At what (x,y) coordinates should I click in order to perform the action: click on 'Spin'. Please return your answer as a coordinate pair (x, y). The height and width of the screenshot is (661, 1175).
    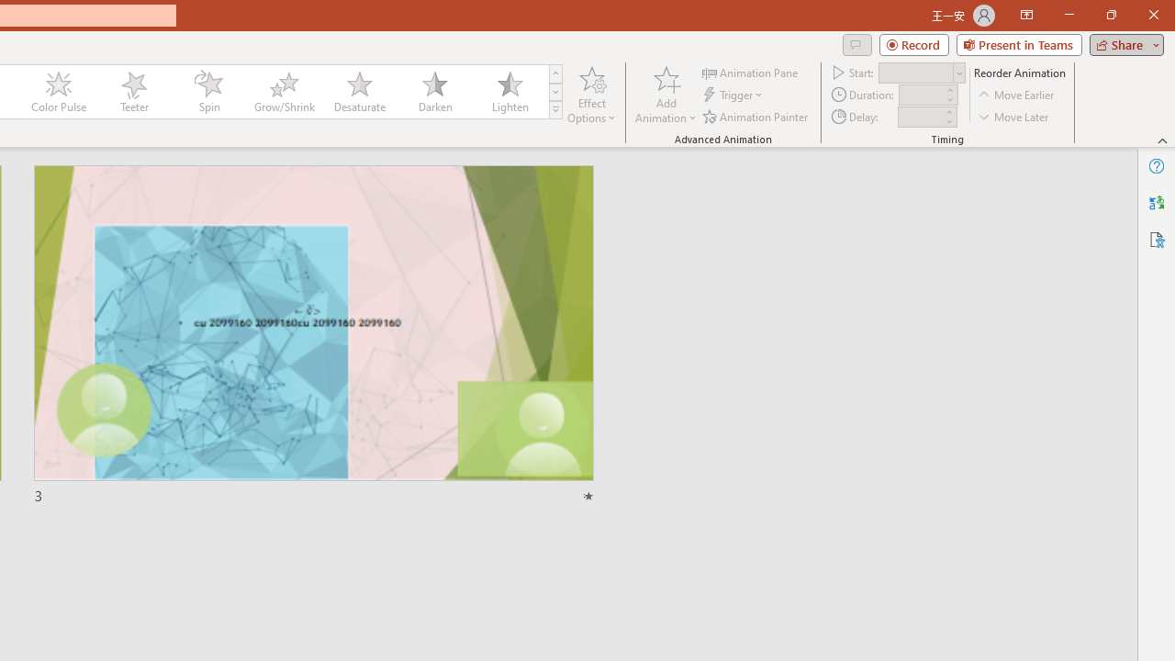
    Looking at the image, I should click on (208, 92).